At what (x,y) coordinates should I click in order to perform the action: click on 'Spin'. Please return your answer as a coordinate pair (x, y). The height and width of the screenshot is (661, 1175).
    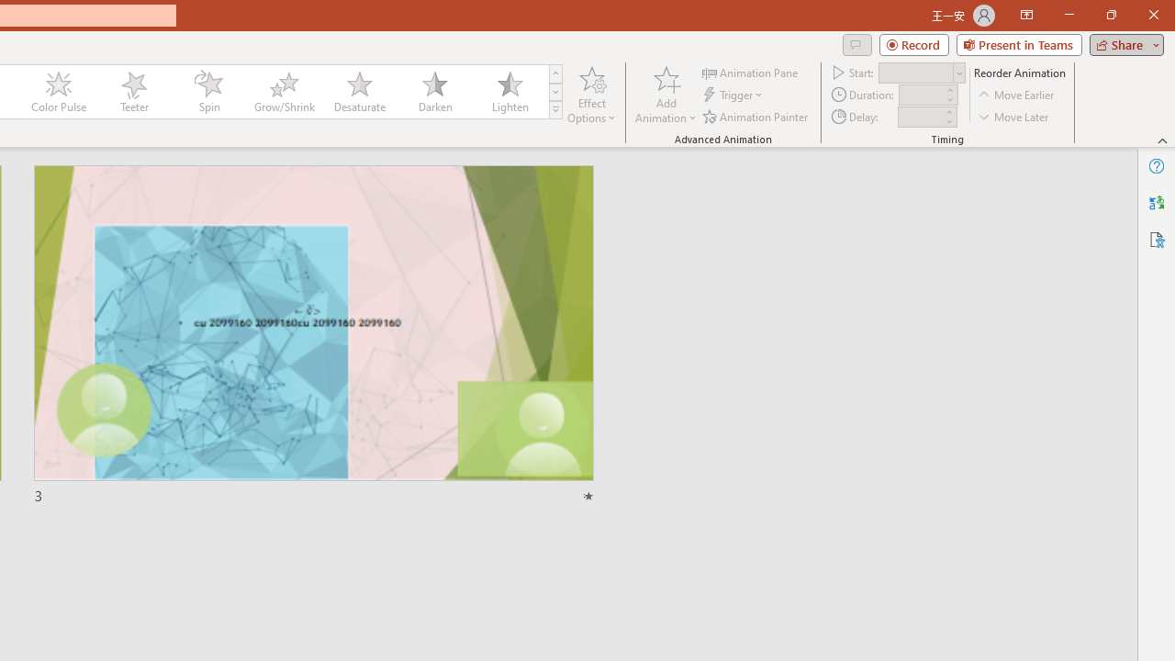
    Looking at the image, I should click on (208, 92).